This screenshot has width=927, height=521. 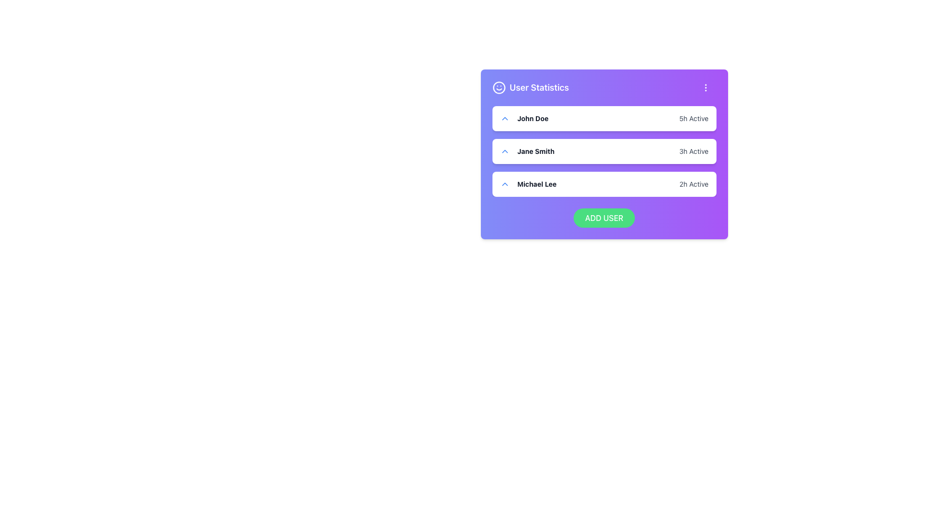 I want to click on information displayed in the small, gray text label that shows '5h Active', located on the right side of the panel associated with 'John Doe', so click(x=693, y=118).